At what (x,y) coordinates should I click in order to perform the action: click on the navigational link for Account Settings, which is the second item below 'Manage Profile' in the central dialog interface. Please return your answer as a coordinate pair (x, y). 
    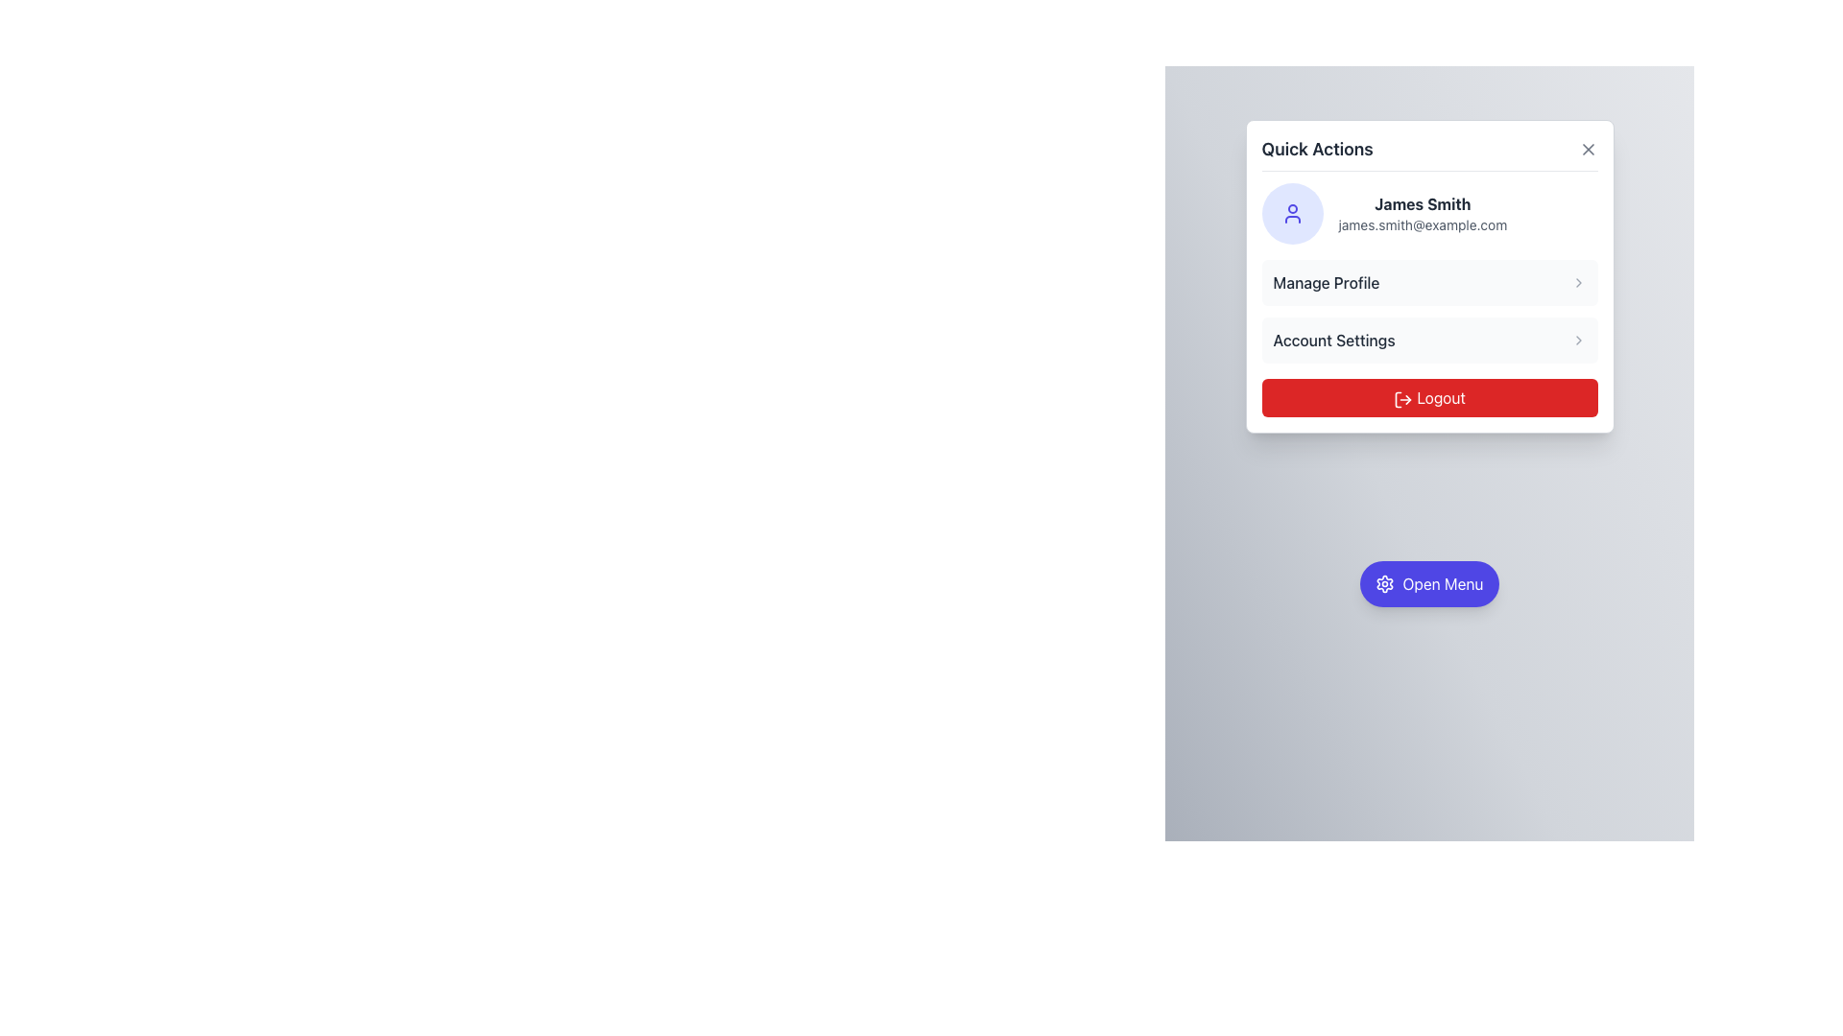
    Looking at the image, I should click on (1429, 339).